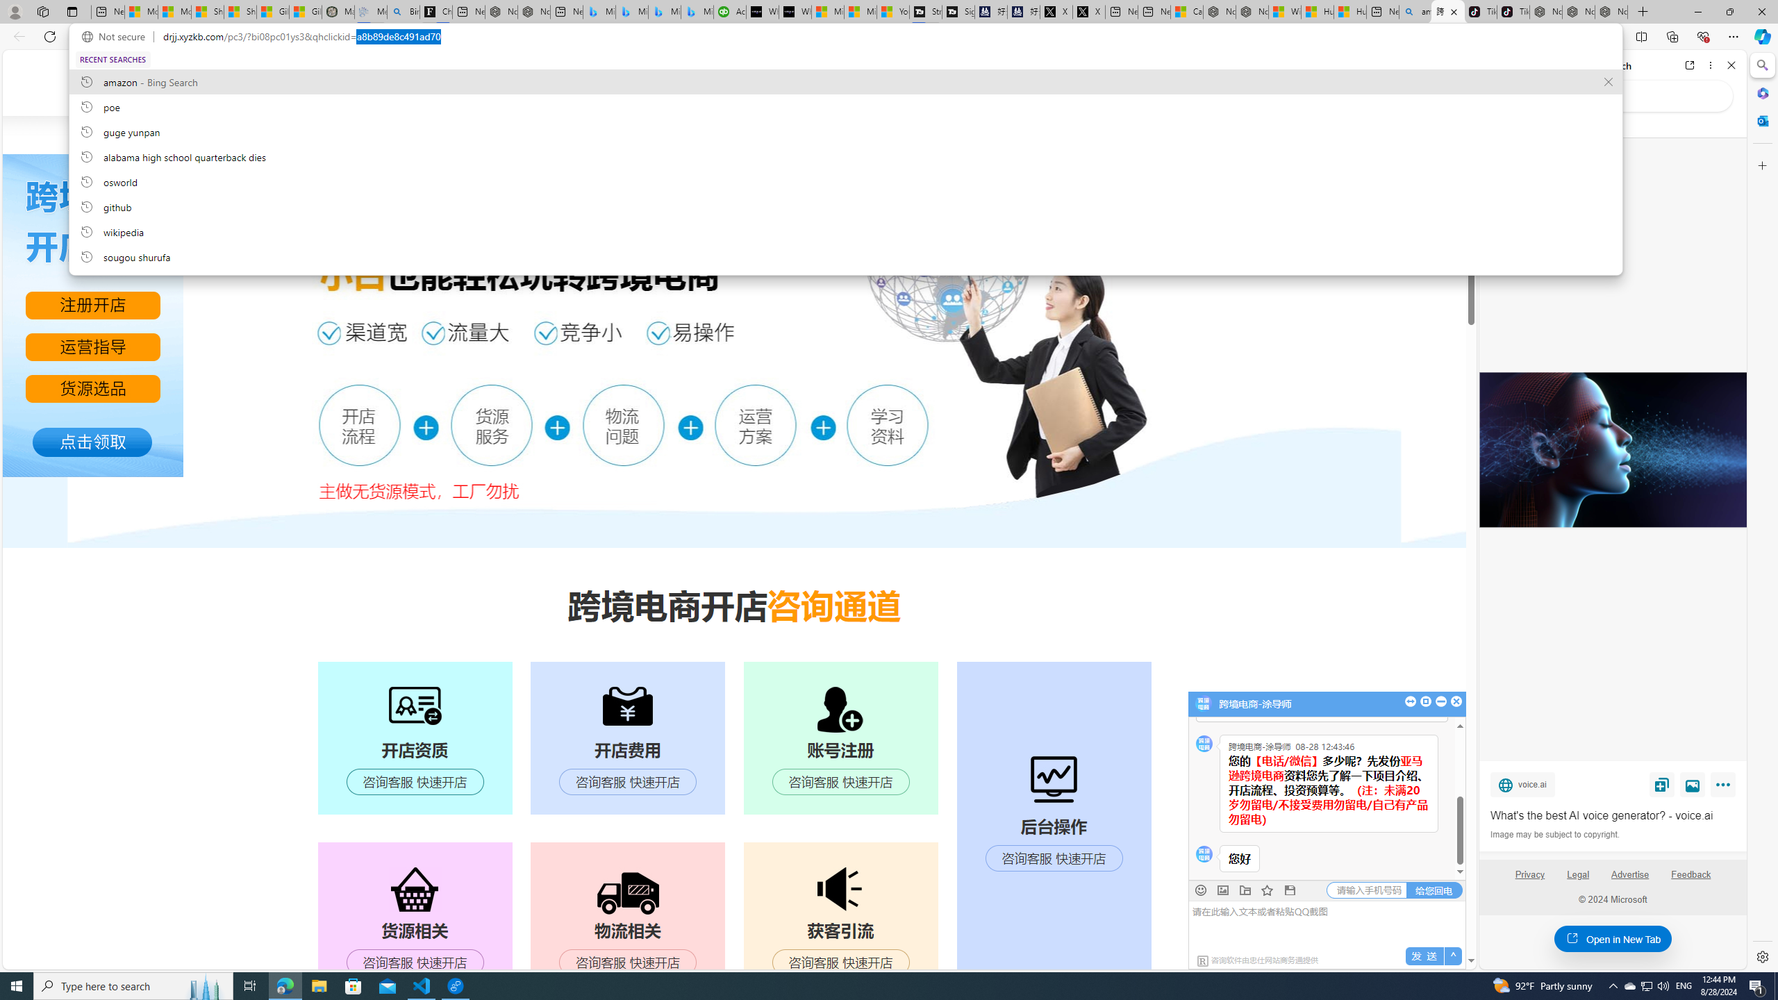 The width and height of the screenshot is (1778, 1000). I want to click on 'Remove suggestion', so click(1608, 82).